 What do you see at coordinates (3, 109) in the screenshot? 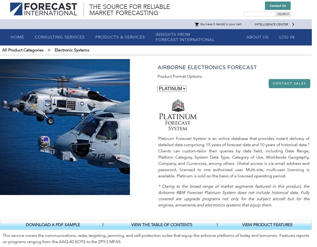
I see `'newsletter providing the latest news on your market of interest.  A sampling of featured articles is sent twice weekly to your email address.
An unmatched value.'` at bounding box center [3, 109].